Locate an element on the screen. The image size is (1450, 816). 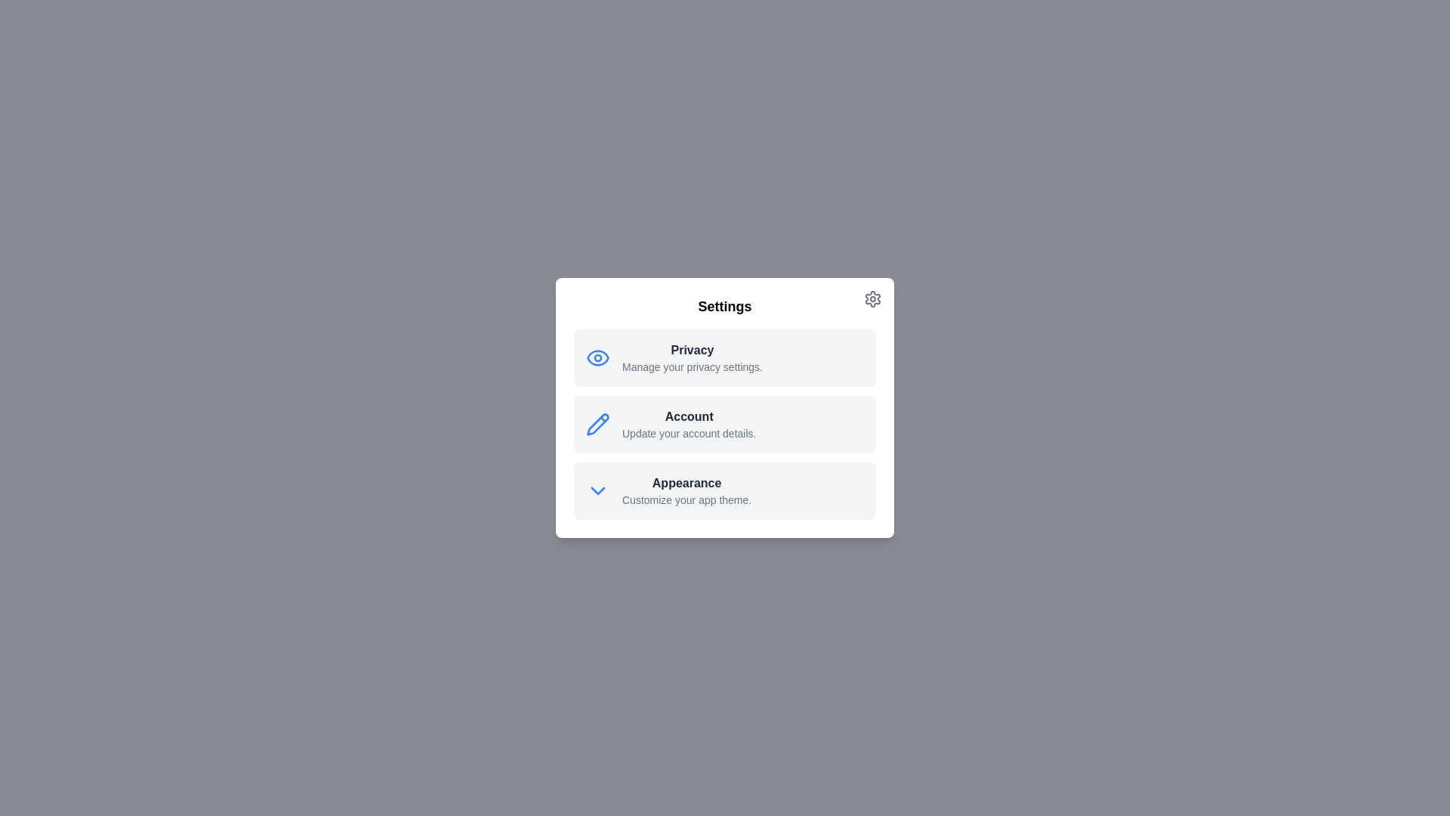
the Account option to observe additional effects is located at coordinates (725, 425).